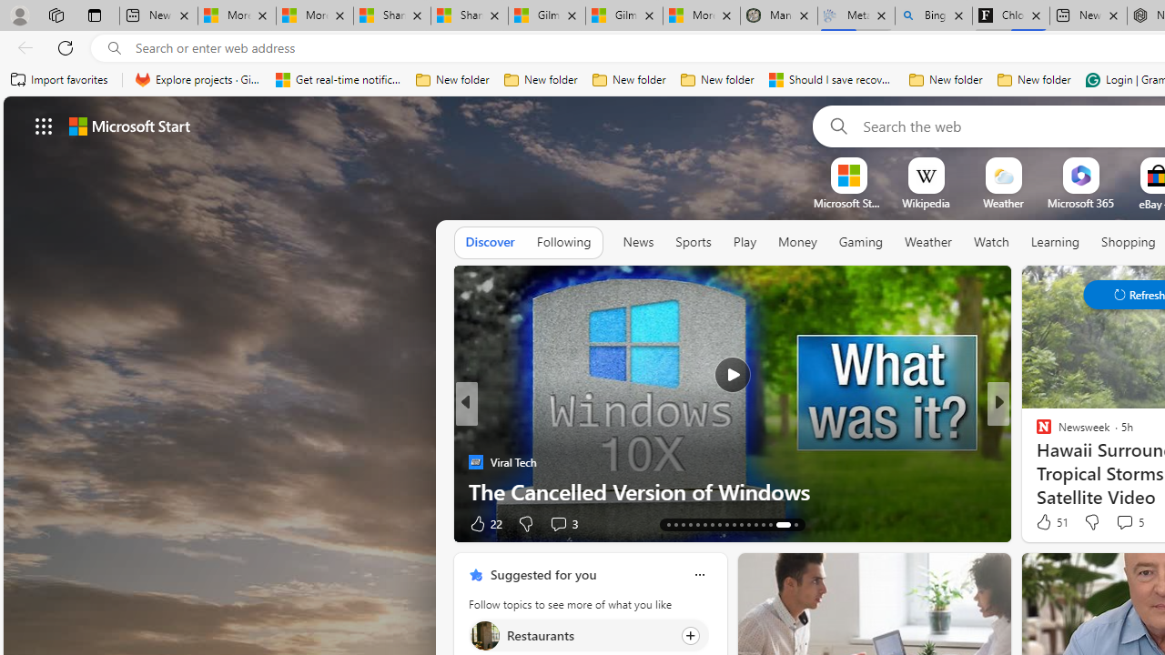  I want to click on 'Wikipedia', so click(926, 203).